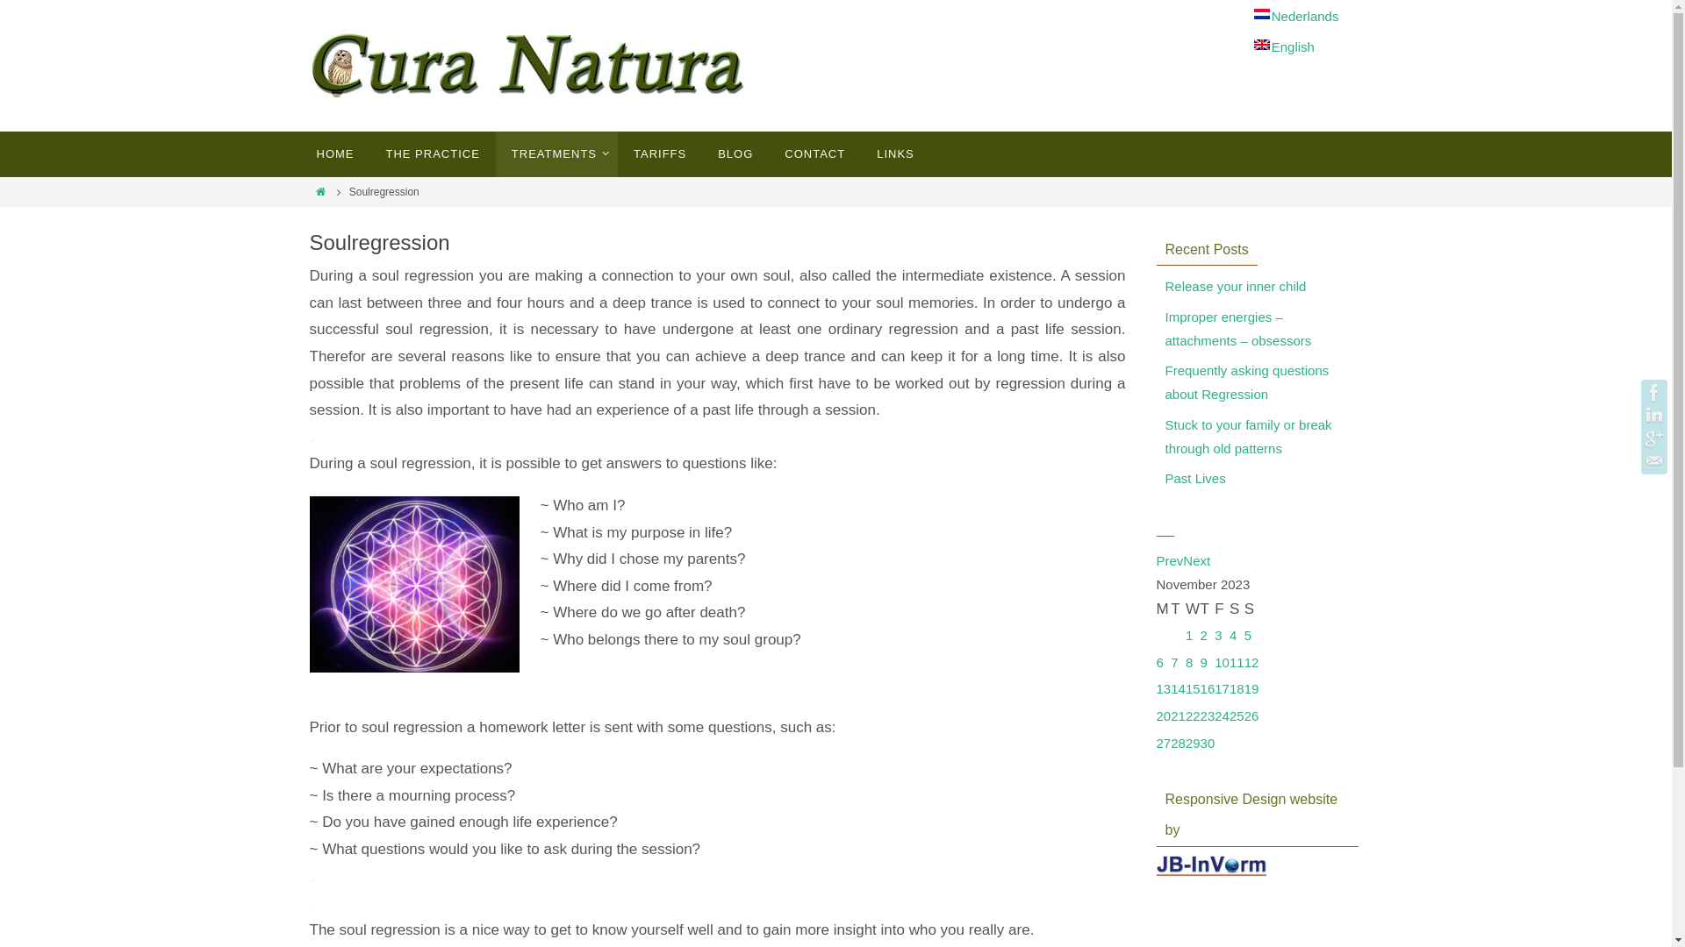 This screenshot has height=947, width=1685. I want to click on '16', so click(1207, 688).